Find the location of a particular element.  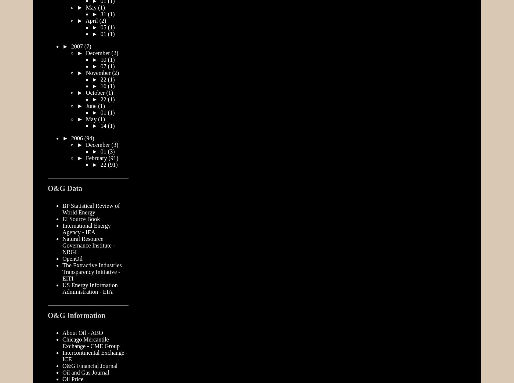

'International Energy Agency - IEA' is located at coordinates (86, 228).